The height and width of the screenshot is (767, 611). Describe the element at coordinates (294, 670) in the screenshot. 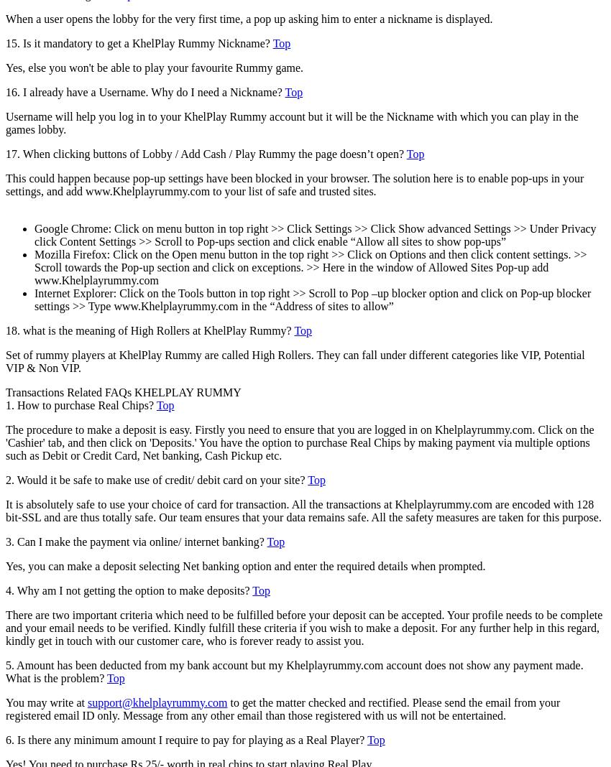

I see `'5. Amount has been deducted from my bank account but my Khelplayrummy.com account does not show any payment made. What is the problem?'` at that location.